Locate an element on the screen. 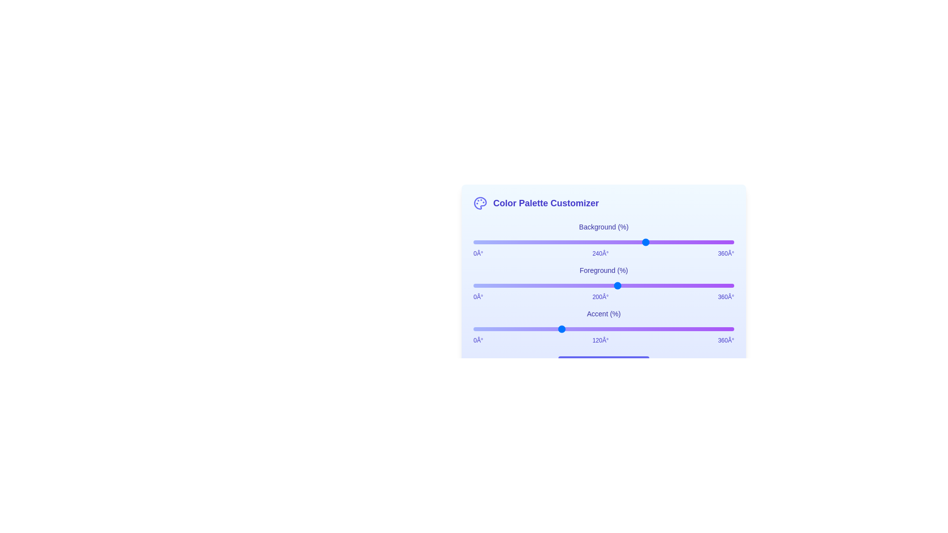  the text 'Accent (%)' to highlight it is located at coordinates (603, 314).